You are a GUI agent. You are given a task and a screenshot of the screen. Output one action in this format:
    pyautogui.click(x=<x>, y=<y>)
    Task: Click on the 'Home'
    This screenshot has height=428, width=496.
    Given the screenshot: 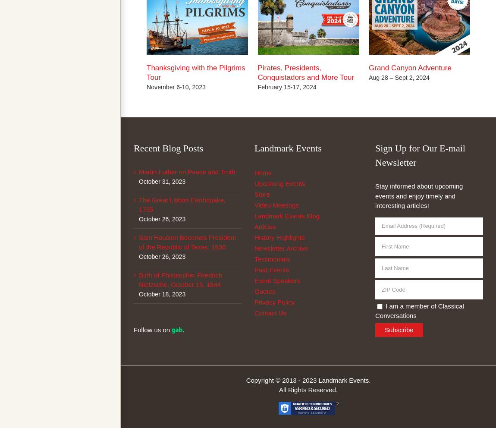 What is the action you would take?
    pyautogui.click(x=262, y=173)
    